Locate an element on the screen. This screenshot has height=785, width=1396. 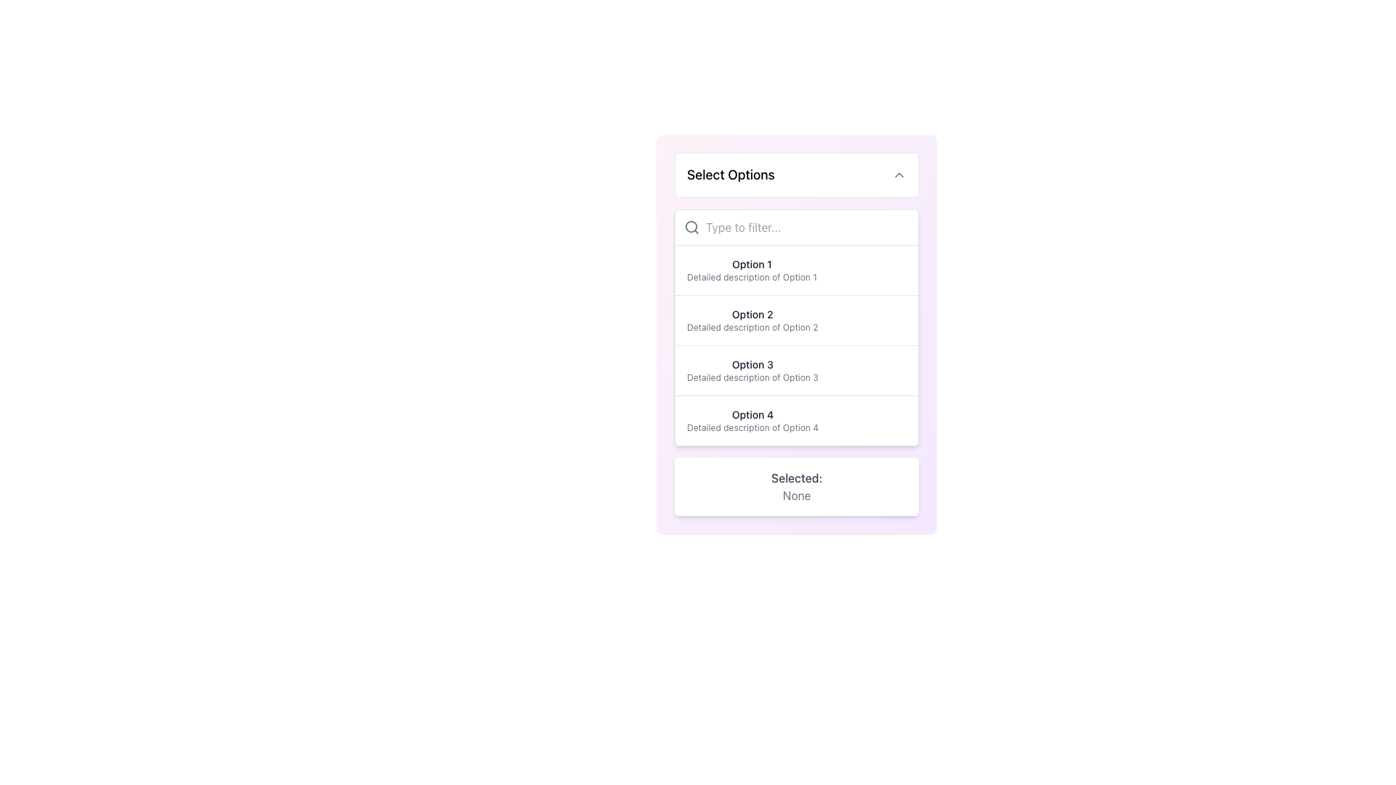
the first list item labeled 'Option 1' in the vertical listbox is located at coordinates (752, 270).